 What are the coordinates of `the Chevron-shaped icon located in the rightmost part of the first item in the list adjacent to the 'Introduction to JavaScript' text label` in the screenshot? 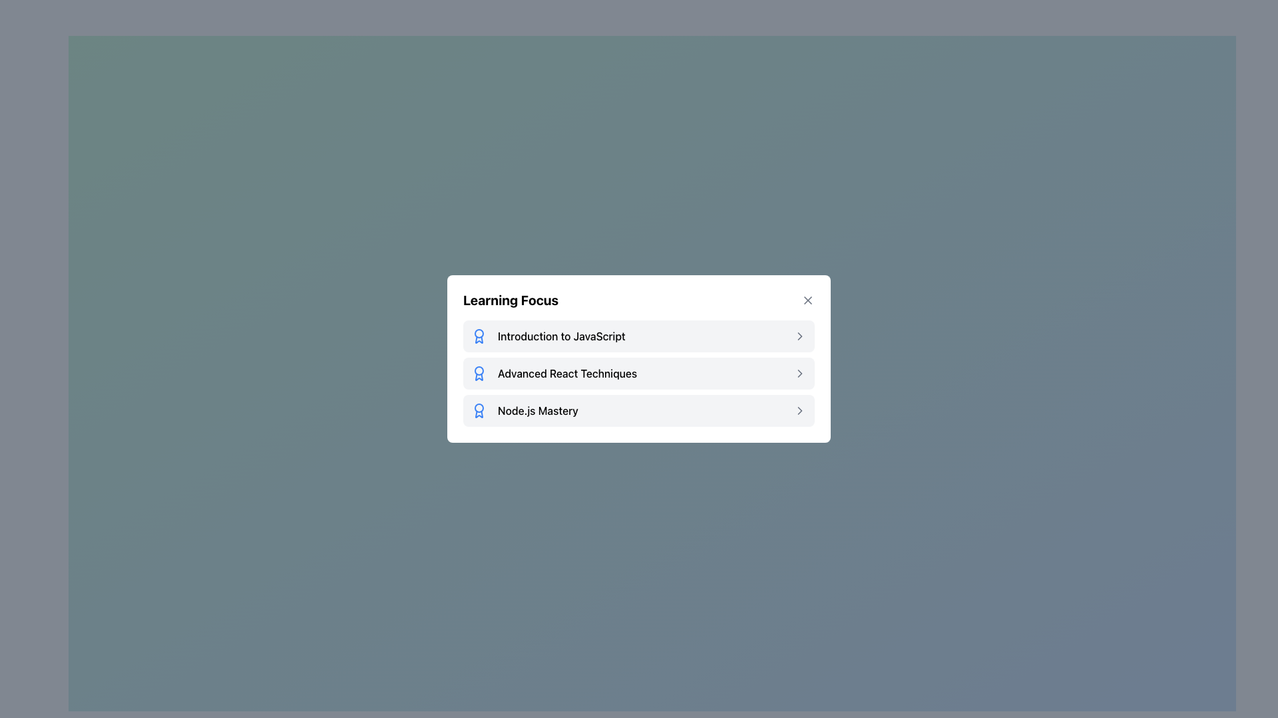 It's located at (799, 335).